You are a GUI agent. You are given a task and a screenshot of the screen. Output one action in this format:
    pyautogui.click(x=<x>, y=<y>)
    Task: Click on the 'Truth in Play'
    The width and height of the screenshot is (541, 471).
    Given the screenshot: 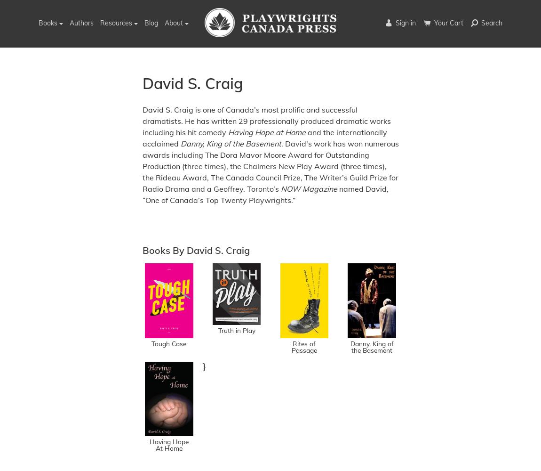 What is the action you would take?
    pyautogui.click(x=236, y=330)
    